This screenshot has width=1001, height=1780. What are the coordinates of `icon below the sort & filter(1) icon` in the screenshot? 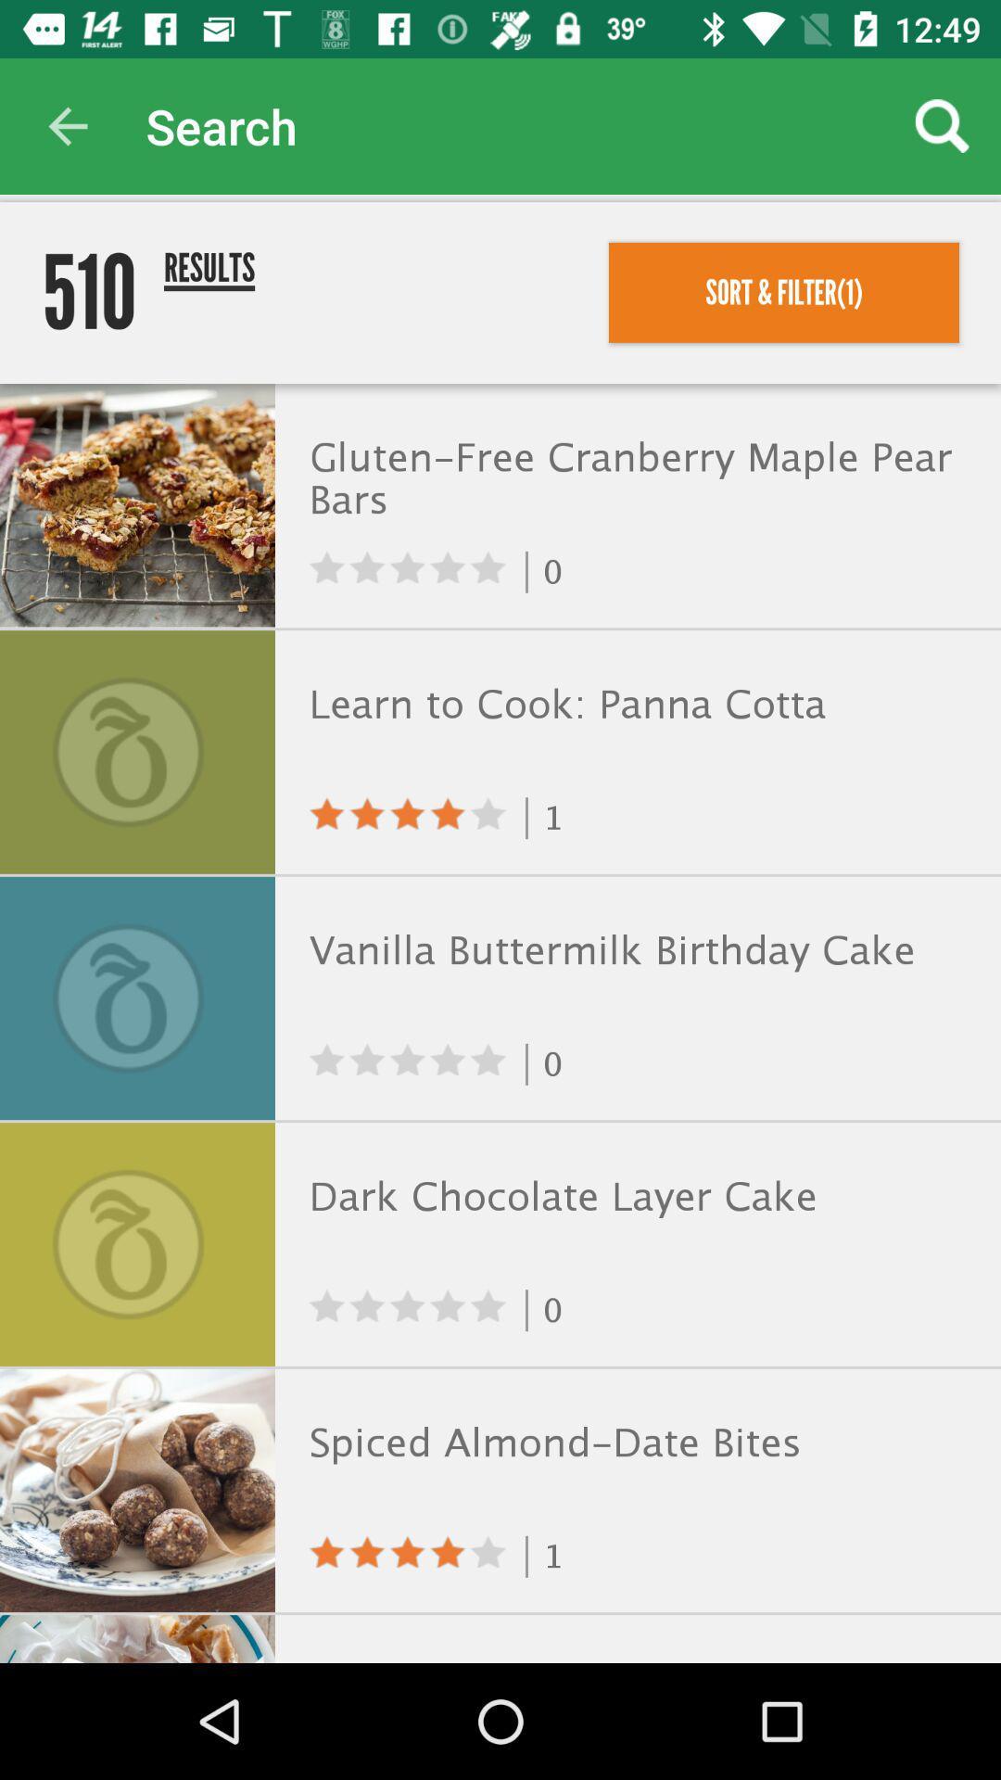 It's located at (633, 481).